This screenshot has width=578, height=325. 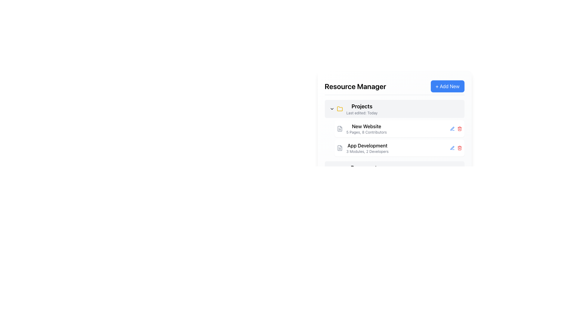 What do you see at coordinates (362, 109) in the screenshot?
I see `the text header element titled 'Projects'` at bounding box center [362, 109].